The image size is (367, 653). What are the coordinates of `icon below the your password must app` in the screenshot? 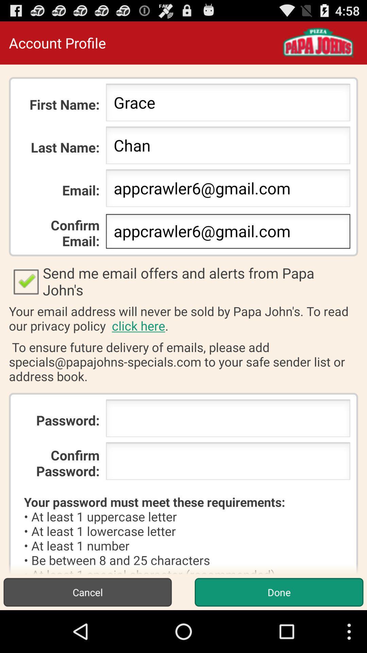 It's located at (87, 592).